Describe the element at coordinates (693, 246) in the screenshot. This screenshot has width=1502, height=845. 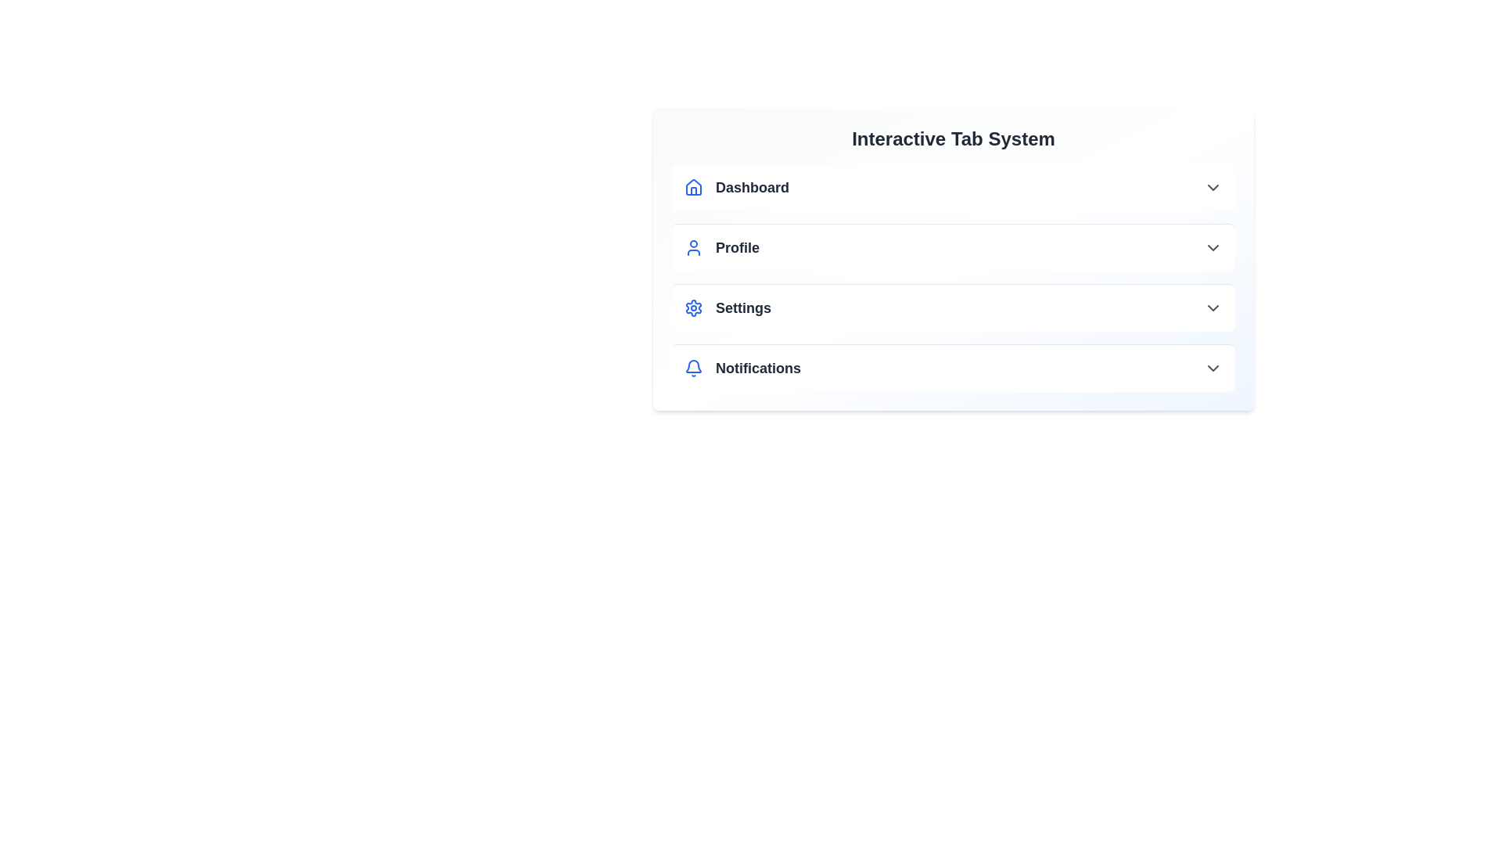
I see `the user profile icon located` at that location.